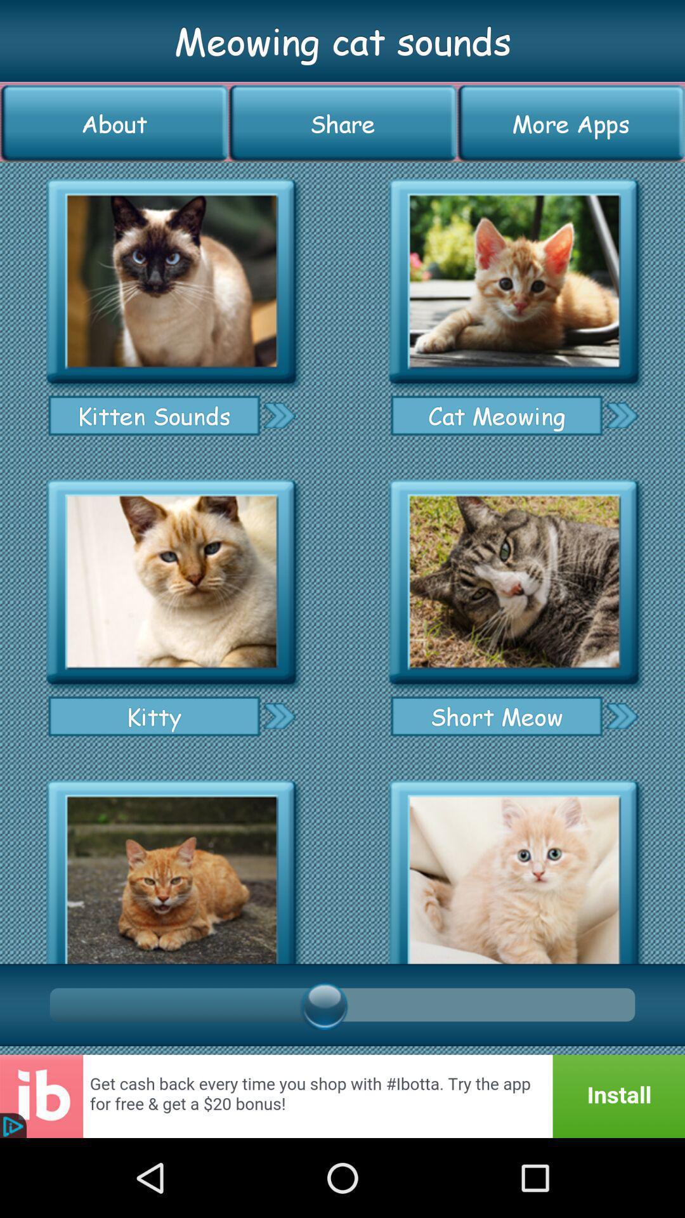 Image resolution: width=685 pixels, height=1218 pixels. Describe the element at coordinates (171, 867) in the screenshot. I see `click meow image` at that location.